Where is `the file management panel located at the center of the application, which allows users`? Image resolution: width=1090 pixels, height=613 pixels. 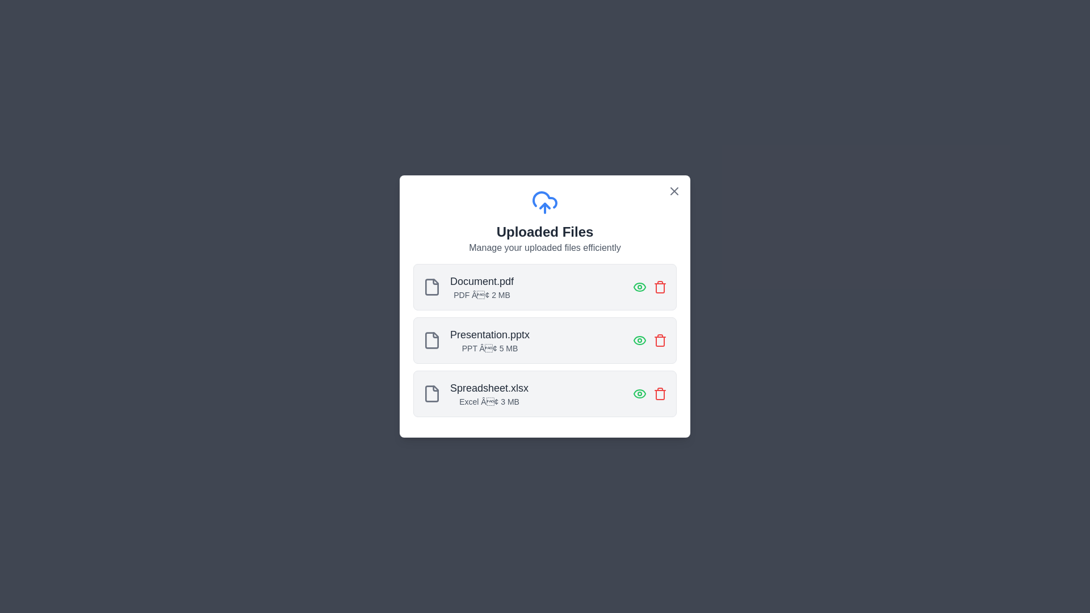
the file management panel located at the center of the application, which allows users is located at coordinates (545, 306).